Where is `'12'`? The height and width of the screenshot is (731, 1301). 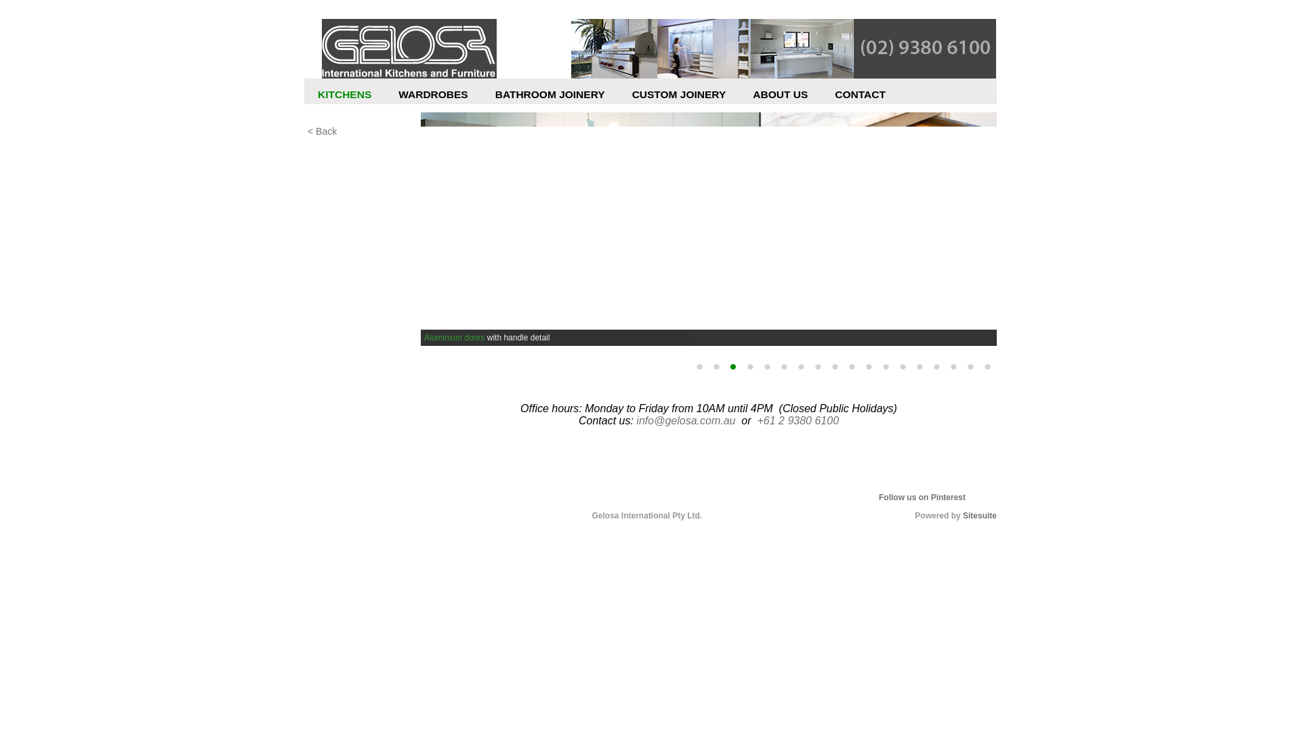 '12' is located at coordinates (885, 367).